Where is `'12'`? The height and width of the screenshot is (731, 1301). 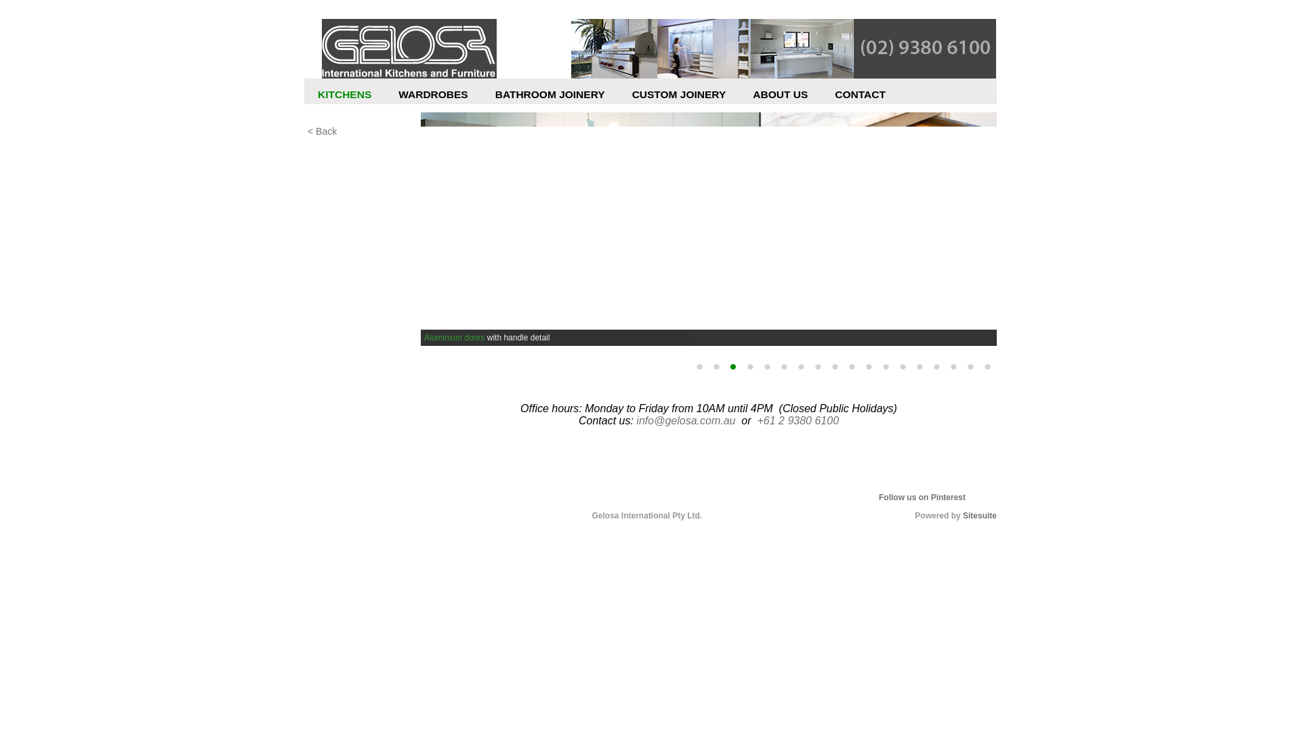 '12' is located at coordinates (885, 367).